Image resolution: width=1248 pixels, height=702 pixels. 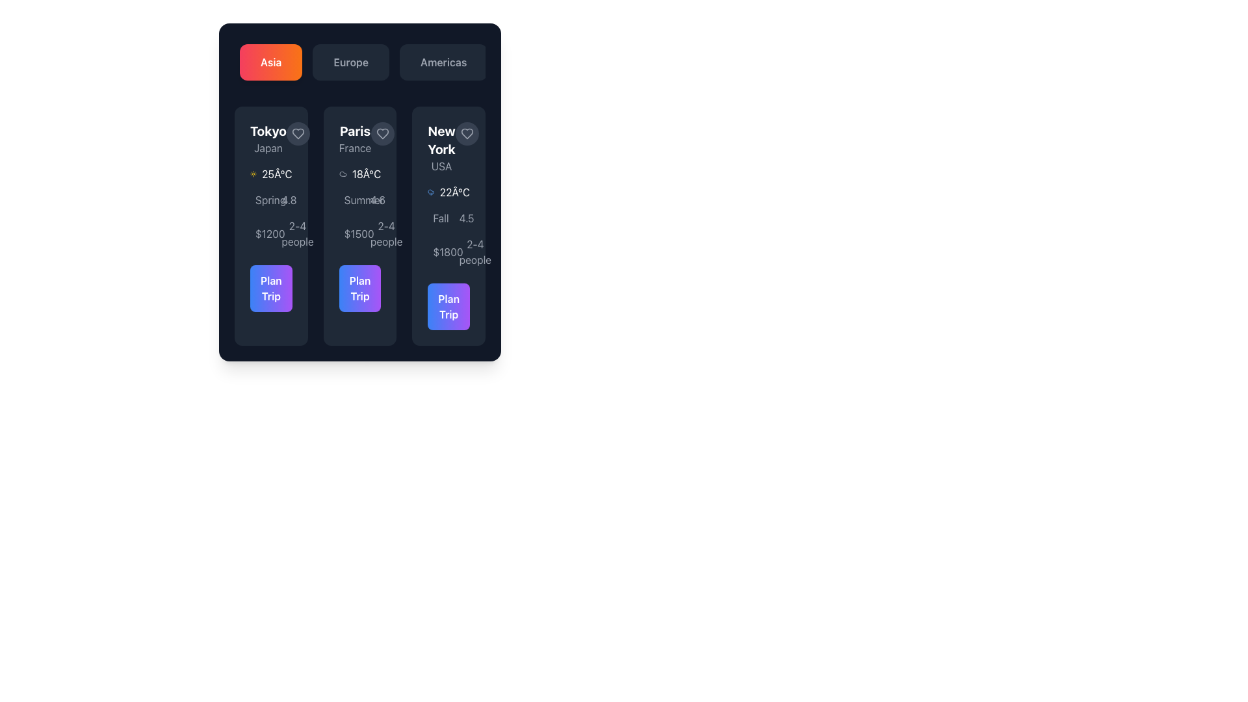 What do you see at coordinates (270, 200) in the screenshot?
I see `text label displaying 'Spring' located in the Tokyo, Japan card, which is positioned beneath the temperature information and above the rating value` at bounding box center [270, 200].